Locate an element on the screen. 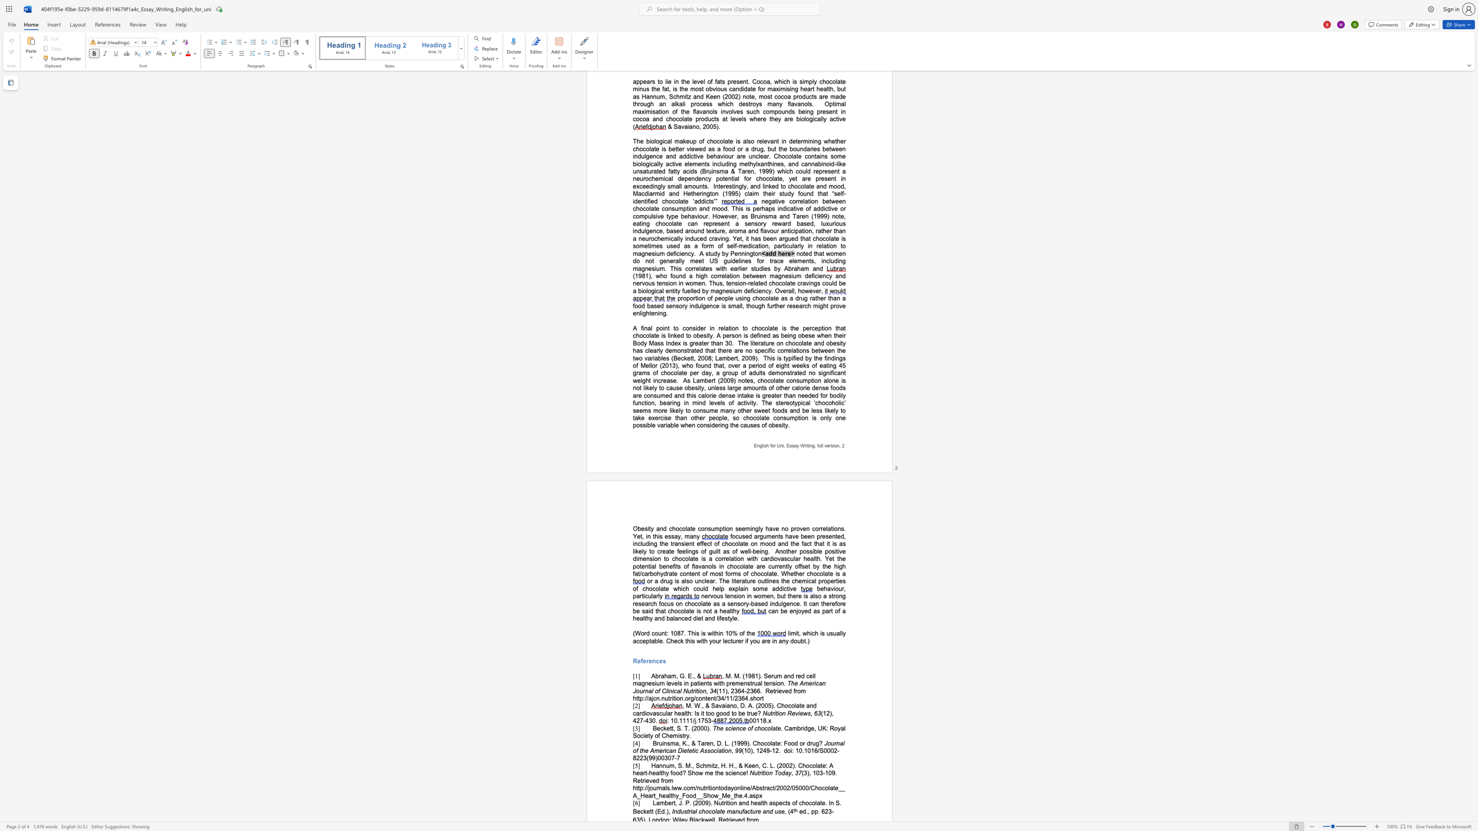 The height and width of the screenshot is (831, 1478). the subset text "30" within the text "doi: 10.1016/S0002-8223(99)00307-7" is located at coordinates (664, 758).